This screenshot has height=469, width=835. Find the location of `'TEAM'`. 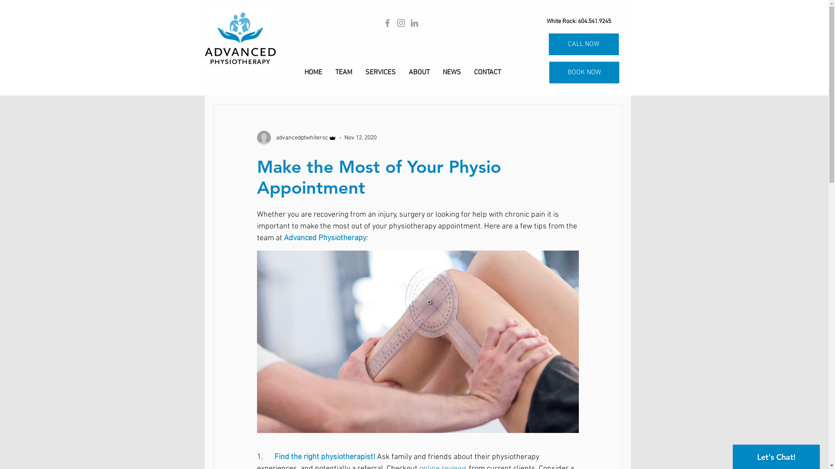

'TEAM' is located at coordinates (343, 72).